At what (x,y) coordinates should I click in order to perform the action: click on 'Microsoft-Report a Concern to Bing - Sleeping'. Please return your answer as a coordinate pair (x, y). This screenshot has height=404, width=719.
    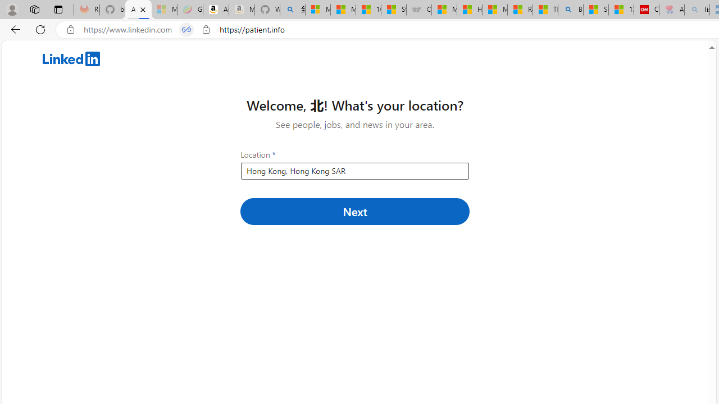
    Looking at the image, I should click on (163, 10).